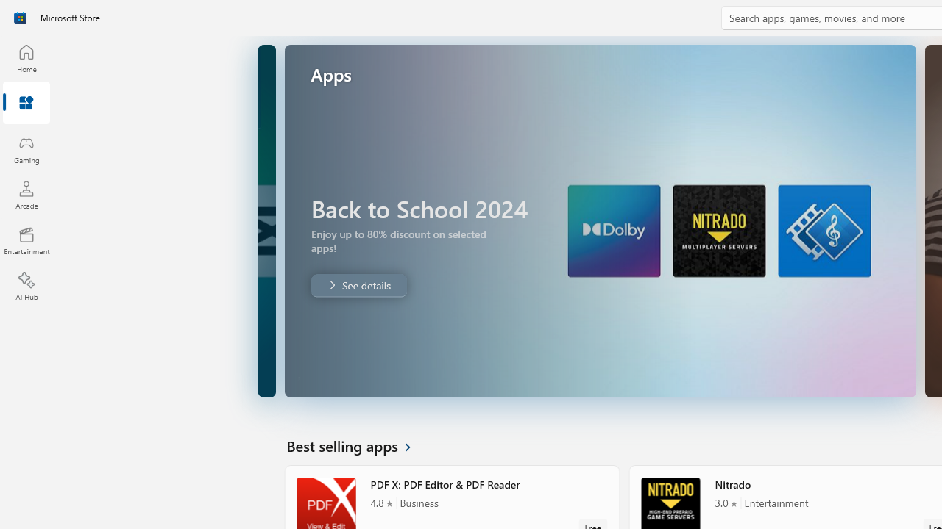 This screenshot has height=529, width=942. What do you see at coordinates (599, 220) in the screenshot?
I see `'AutomationID: Image'` at bounding box center [599, 220].